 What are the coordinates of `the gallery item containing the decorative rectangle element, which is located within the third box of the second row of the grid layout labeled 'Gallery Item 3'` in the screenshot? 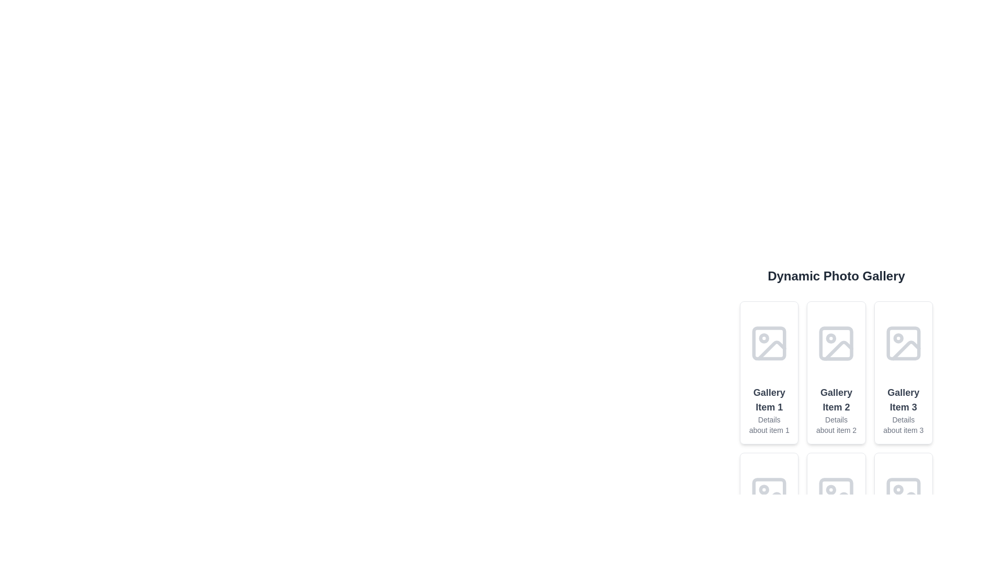 It's located at (836, 495).